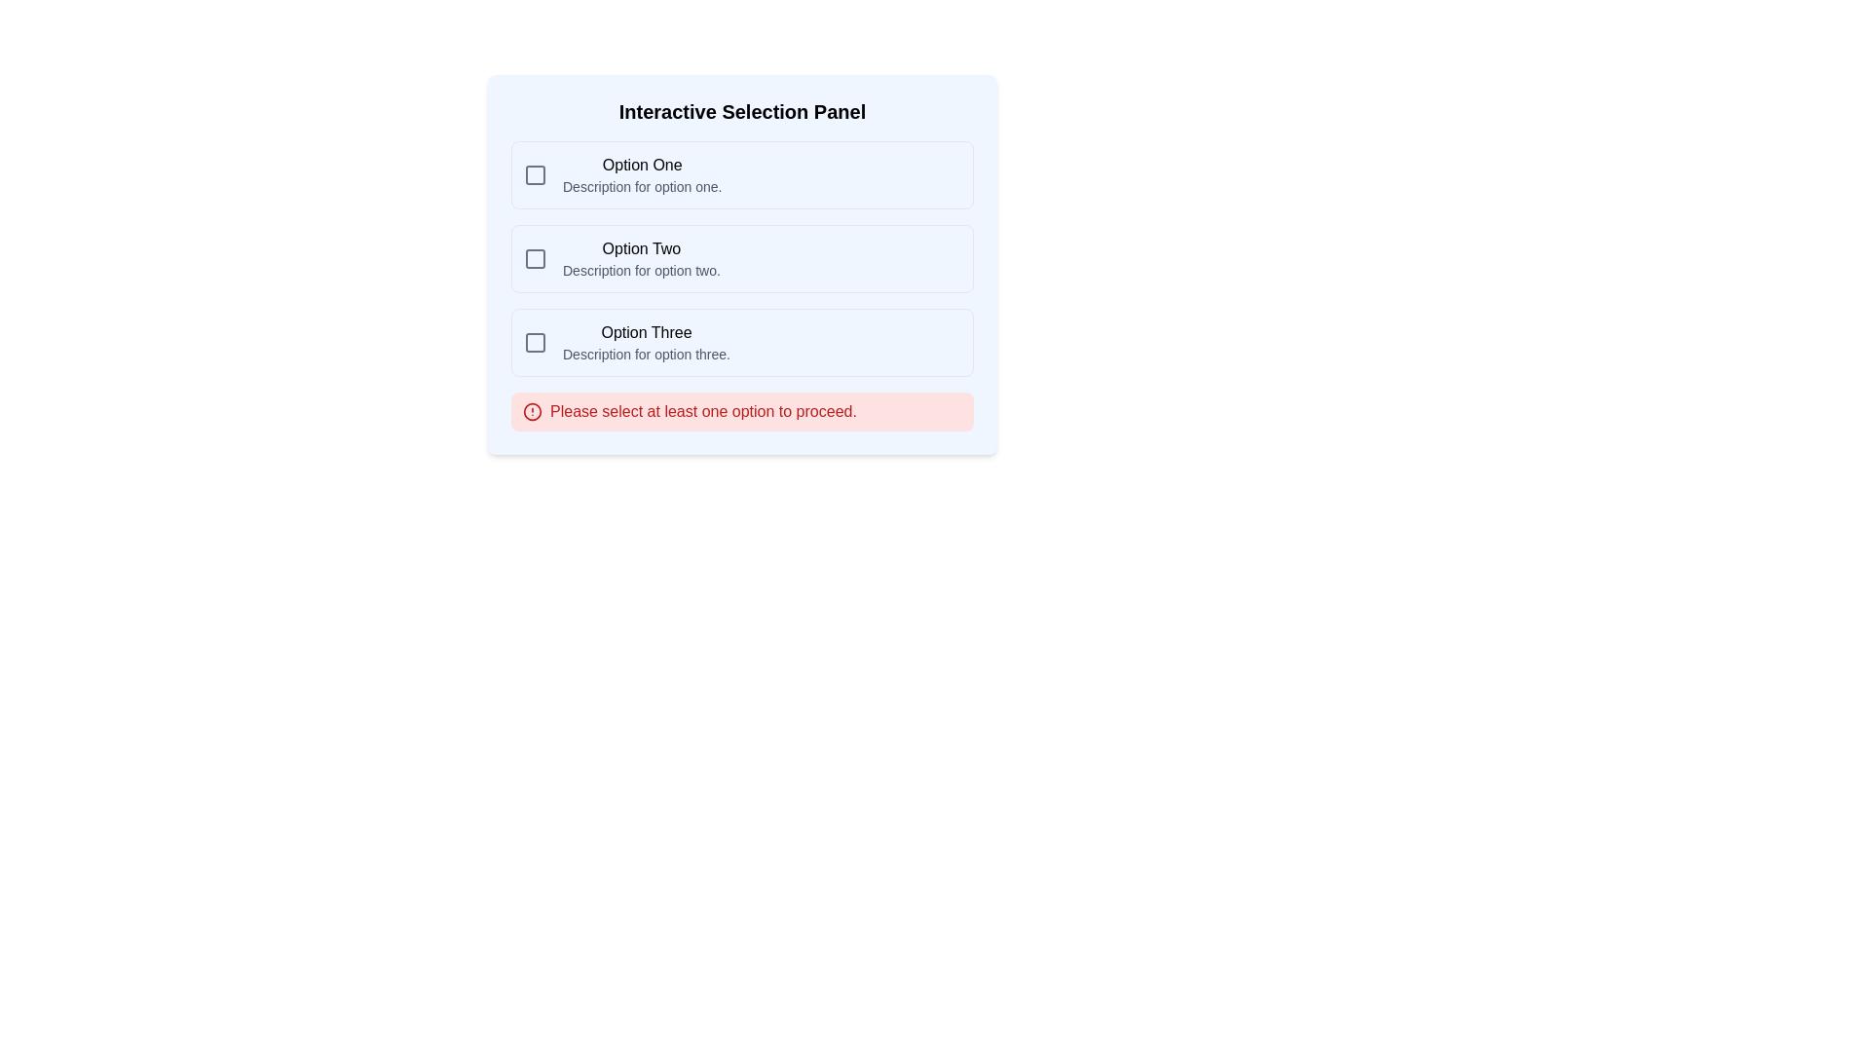 This screenshot has height=1052, width=1870. Describe the element at coordinates (641, 247) in the screenshot. I see `bold text label 'Option Two' located centrally in the second item of the selection interface, which is followed by a description` at that location.